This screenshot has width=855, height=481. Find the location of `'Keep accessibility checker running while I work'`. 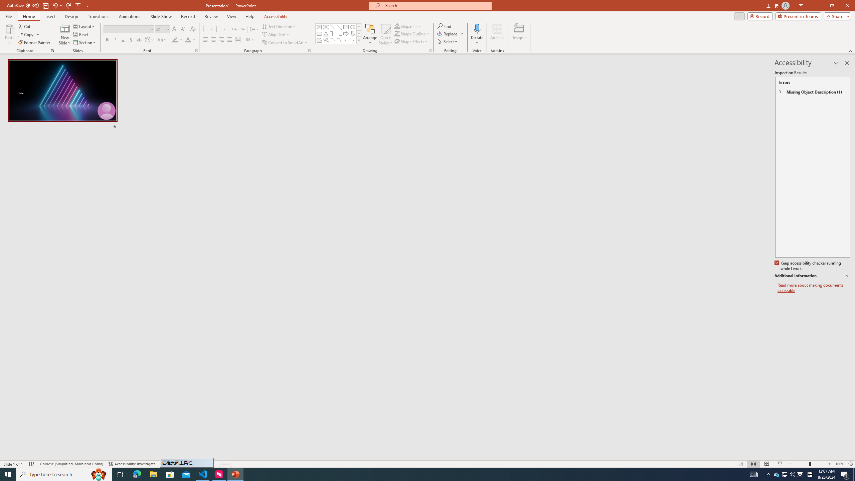

'Keep accessibility checker running while I work' is located at coordinates (808, 266).